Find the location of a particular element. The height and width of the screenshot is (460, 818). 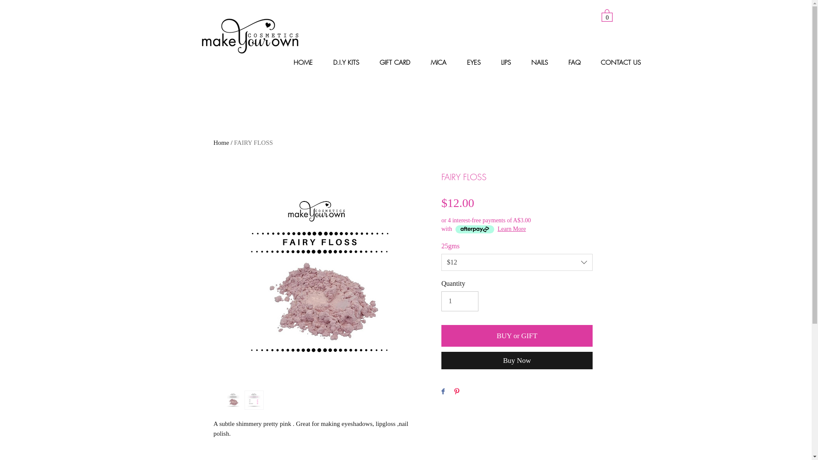

'EYES' is located at coordinates (476, 62).